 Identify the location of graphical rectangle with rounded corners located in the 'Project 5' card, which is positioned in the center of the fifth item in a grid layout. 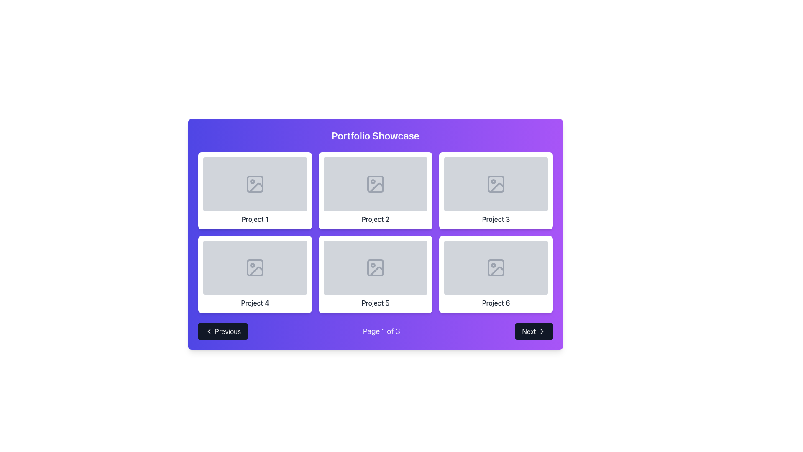
(375, 268).